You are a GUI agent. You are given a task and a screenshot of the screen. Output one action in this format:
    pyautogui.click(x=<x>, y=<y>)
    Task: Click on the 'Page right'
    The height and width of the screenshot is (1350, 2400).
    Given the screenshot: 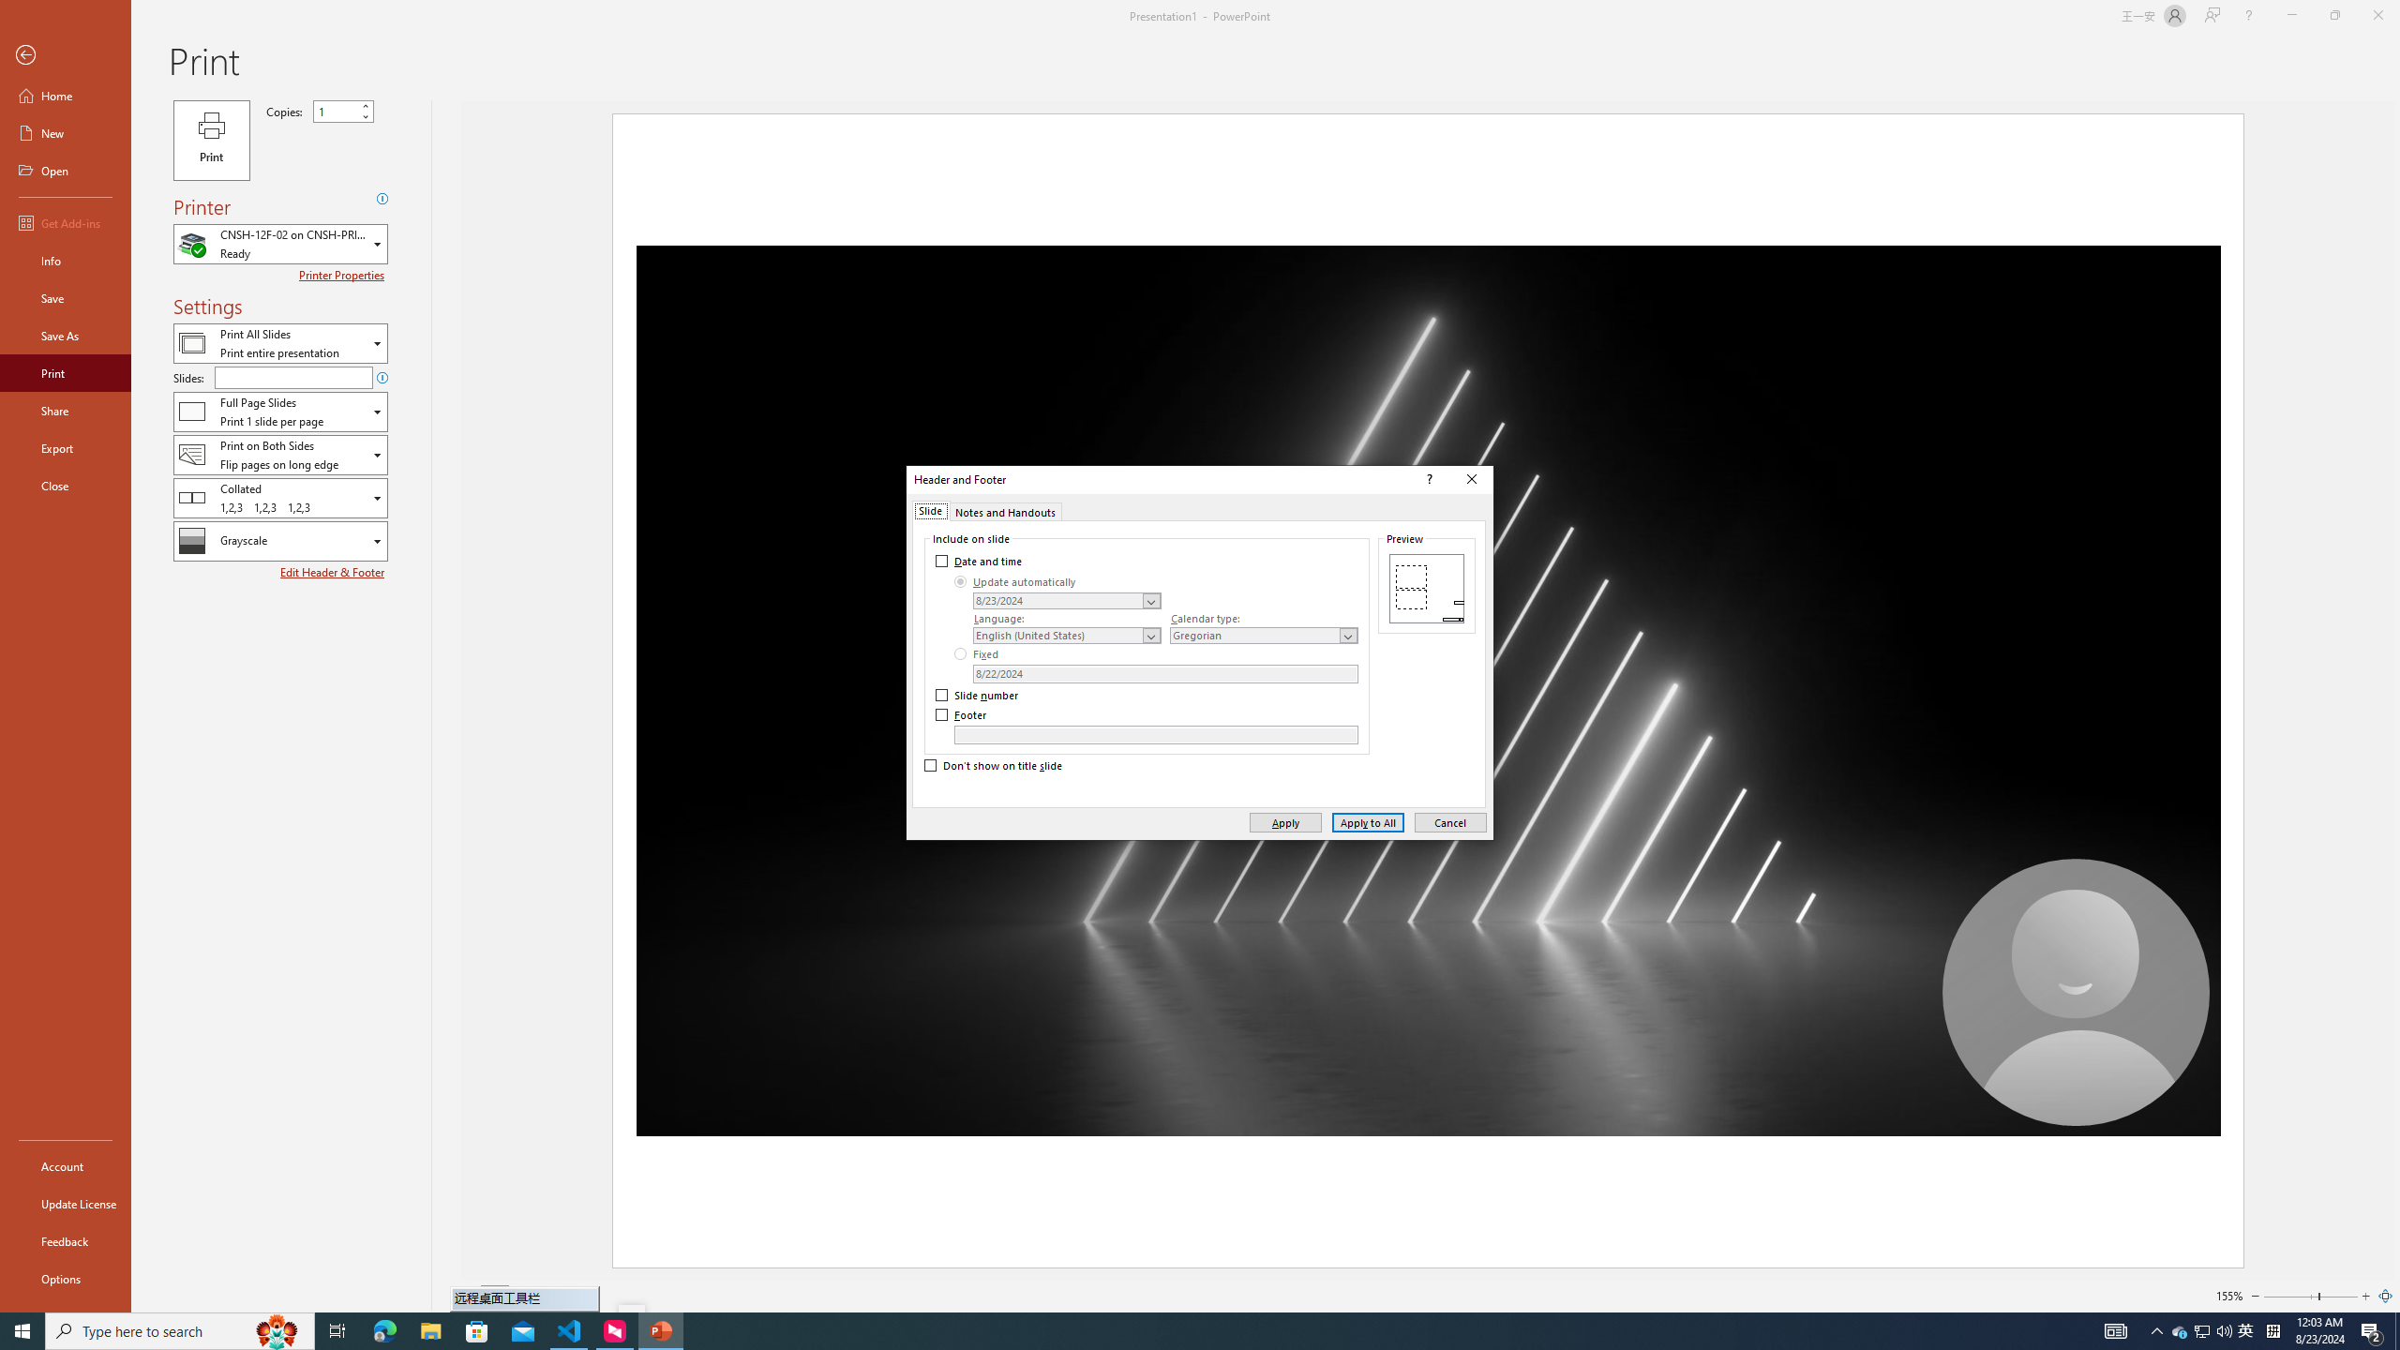 What is the action you would take?
    pyautogui.click(x=2338, y=1296)
    